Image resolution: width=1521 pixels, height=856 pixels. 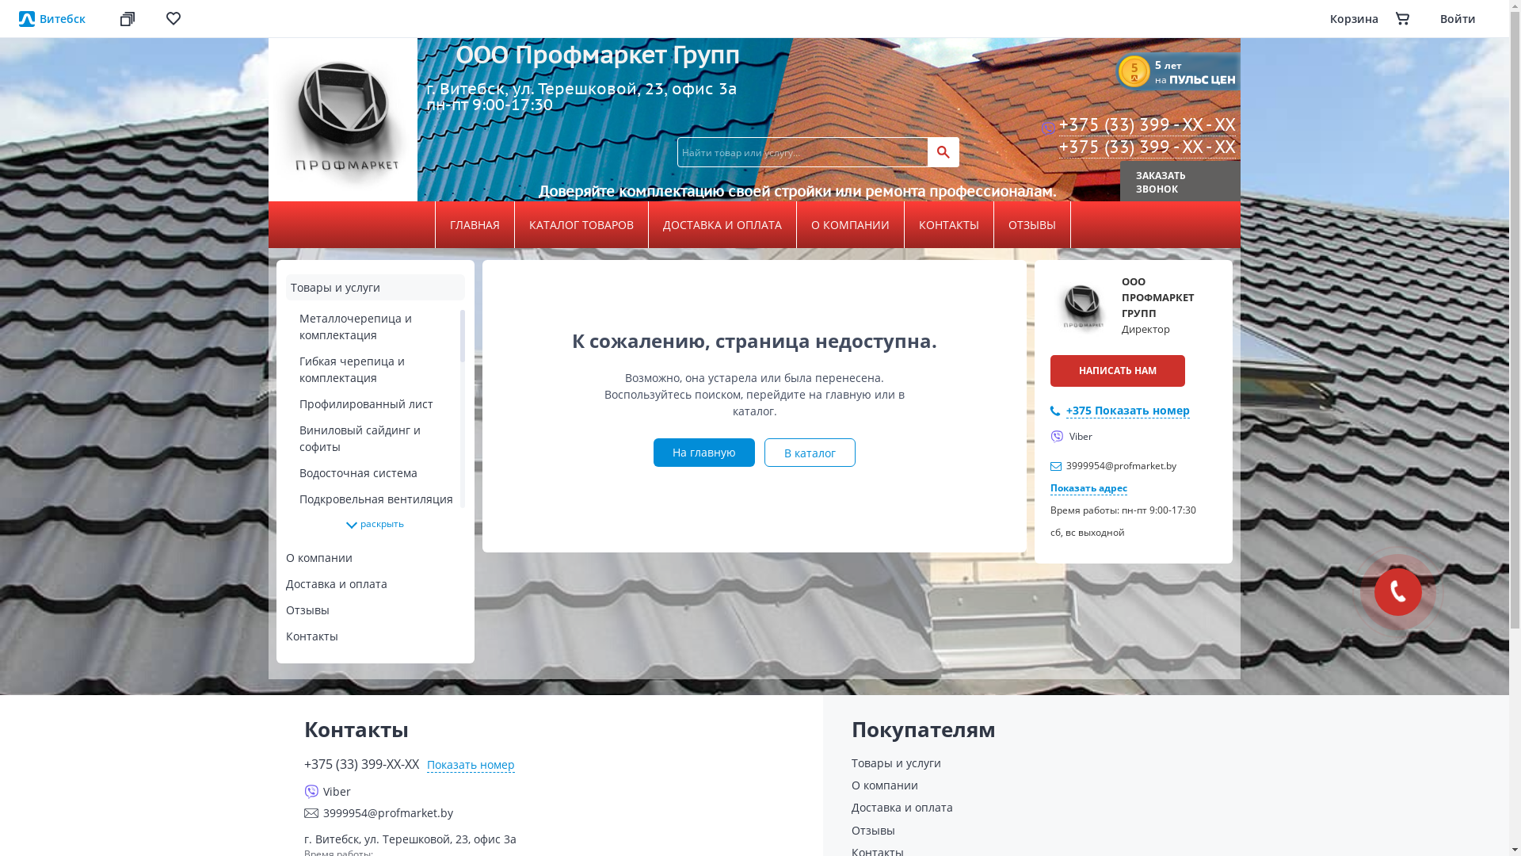 What do you see at coordinates (1071, 436) in the screenshot?
I see `'Viber'` at bounding box center [1071, 436].